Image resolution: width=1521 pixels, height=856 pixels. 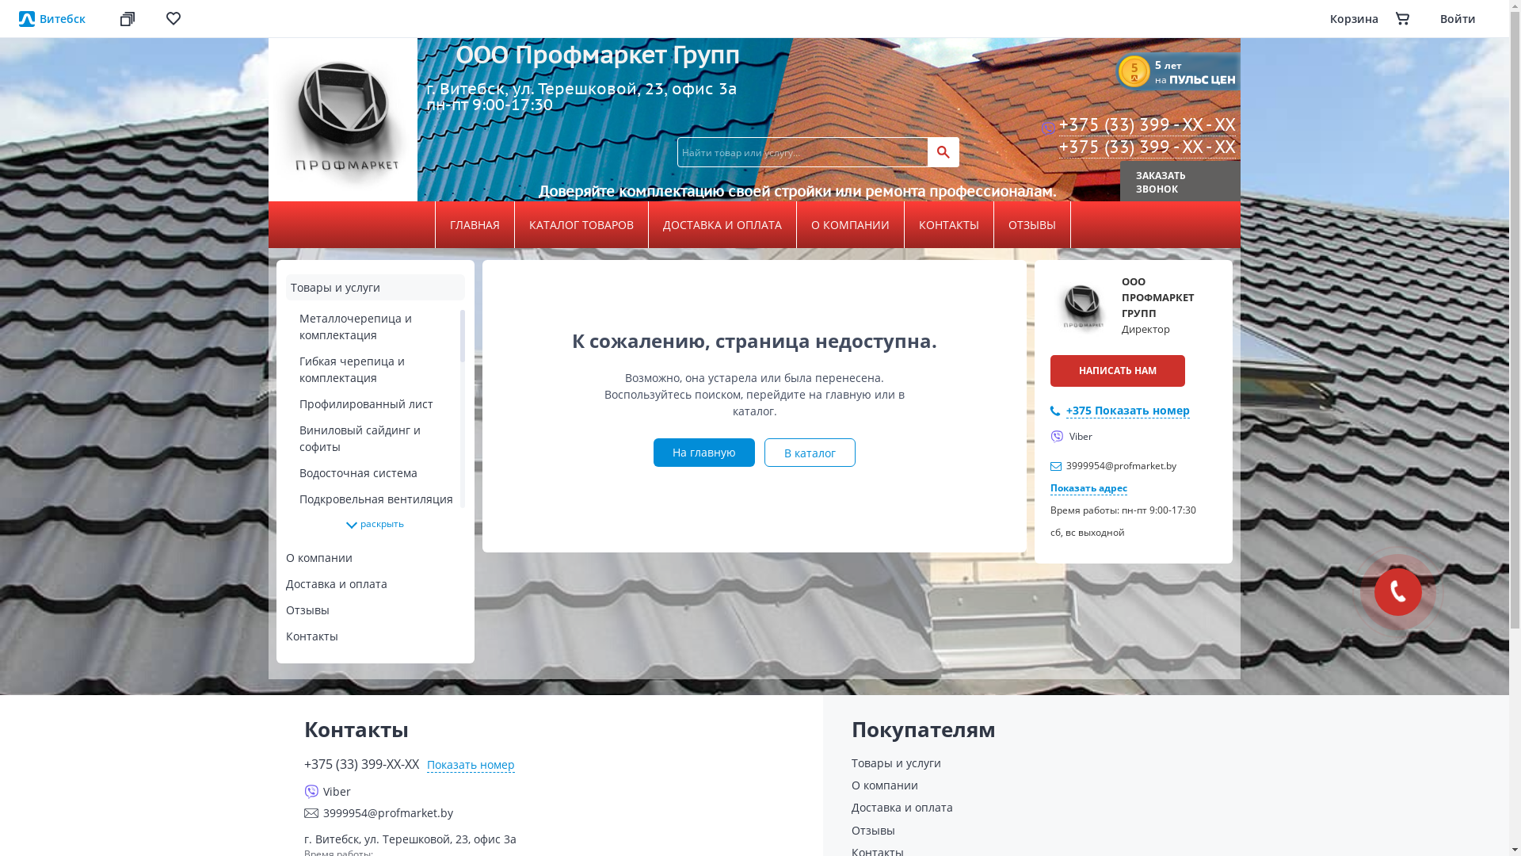 What do you see at coordinates (1071, 436) in the screenshot?
I see `'Viber'` at bounding box center [1071, 436].